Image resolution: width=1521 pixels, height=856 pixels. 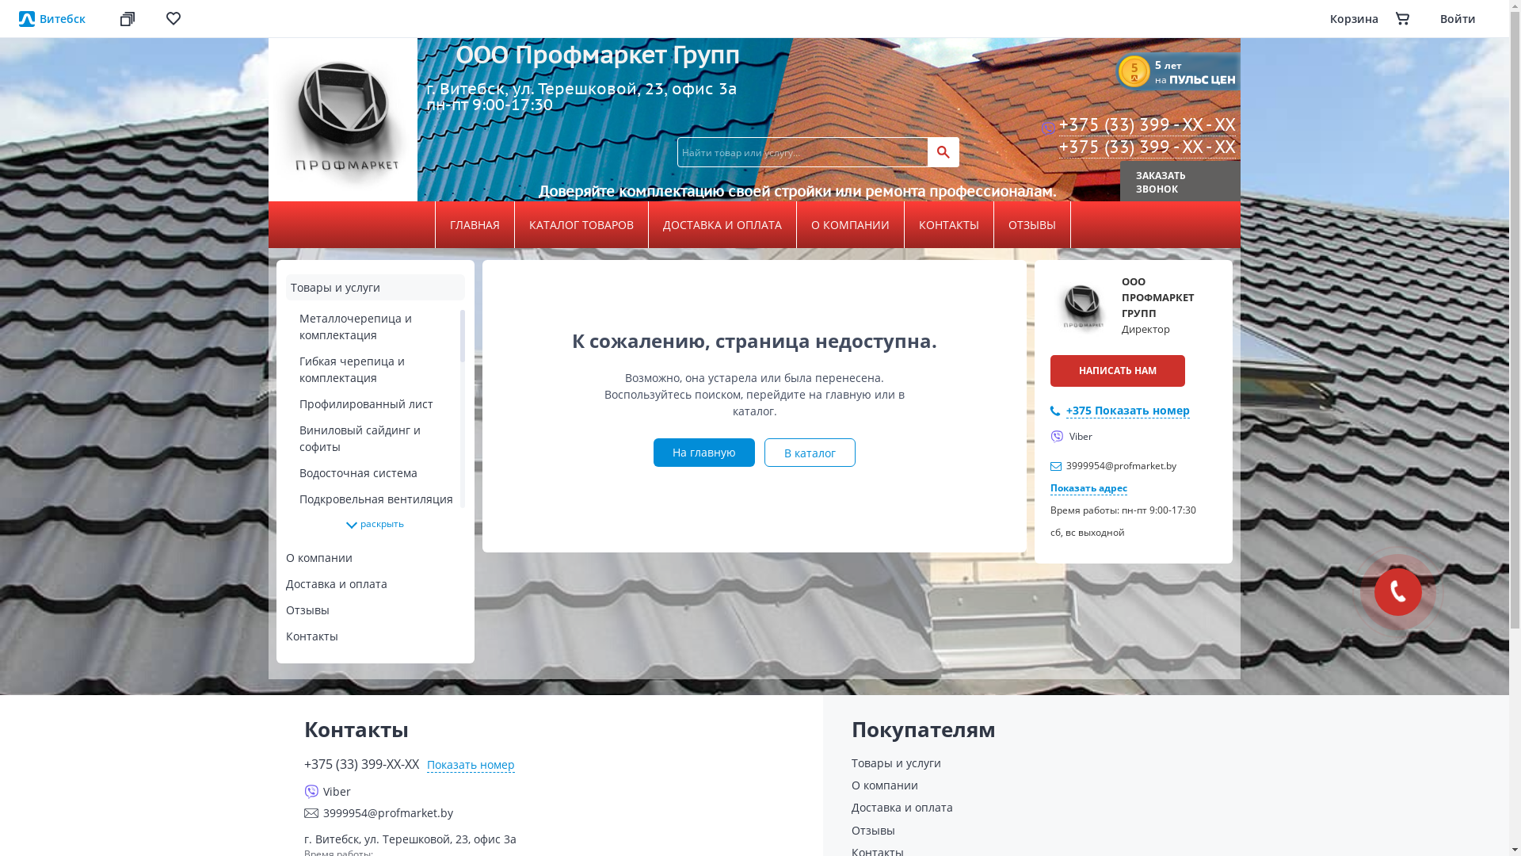 What do you see at coordinates (1071, 436) in the screenshot?
I see `'Viber'` at bounding box center [1071, 436].